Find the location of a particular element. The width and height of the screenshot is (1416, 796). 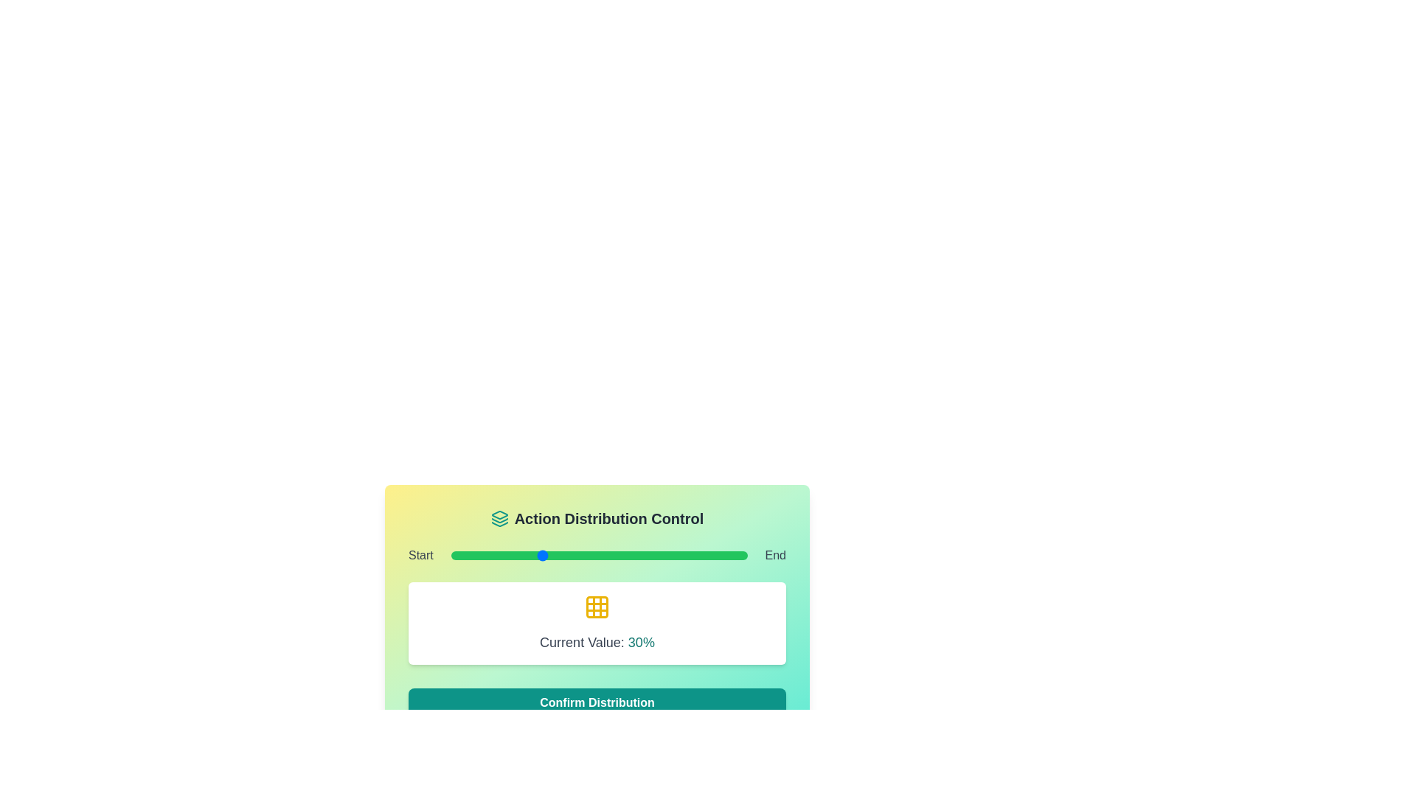

the slider to set its value to 99% is located at coordinates (744, 555).